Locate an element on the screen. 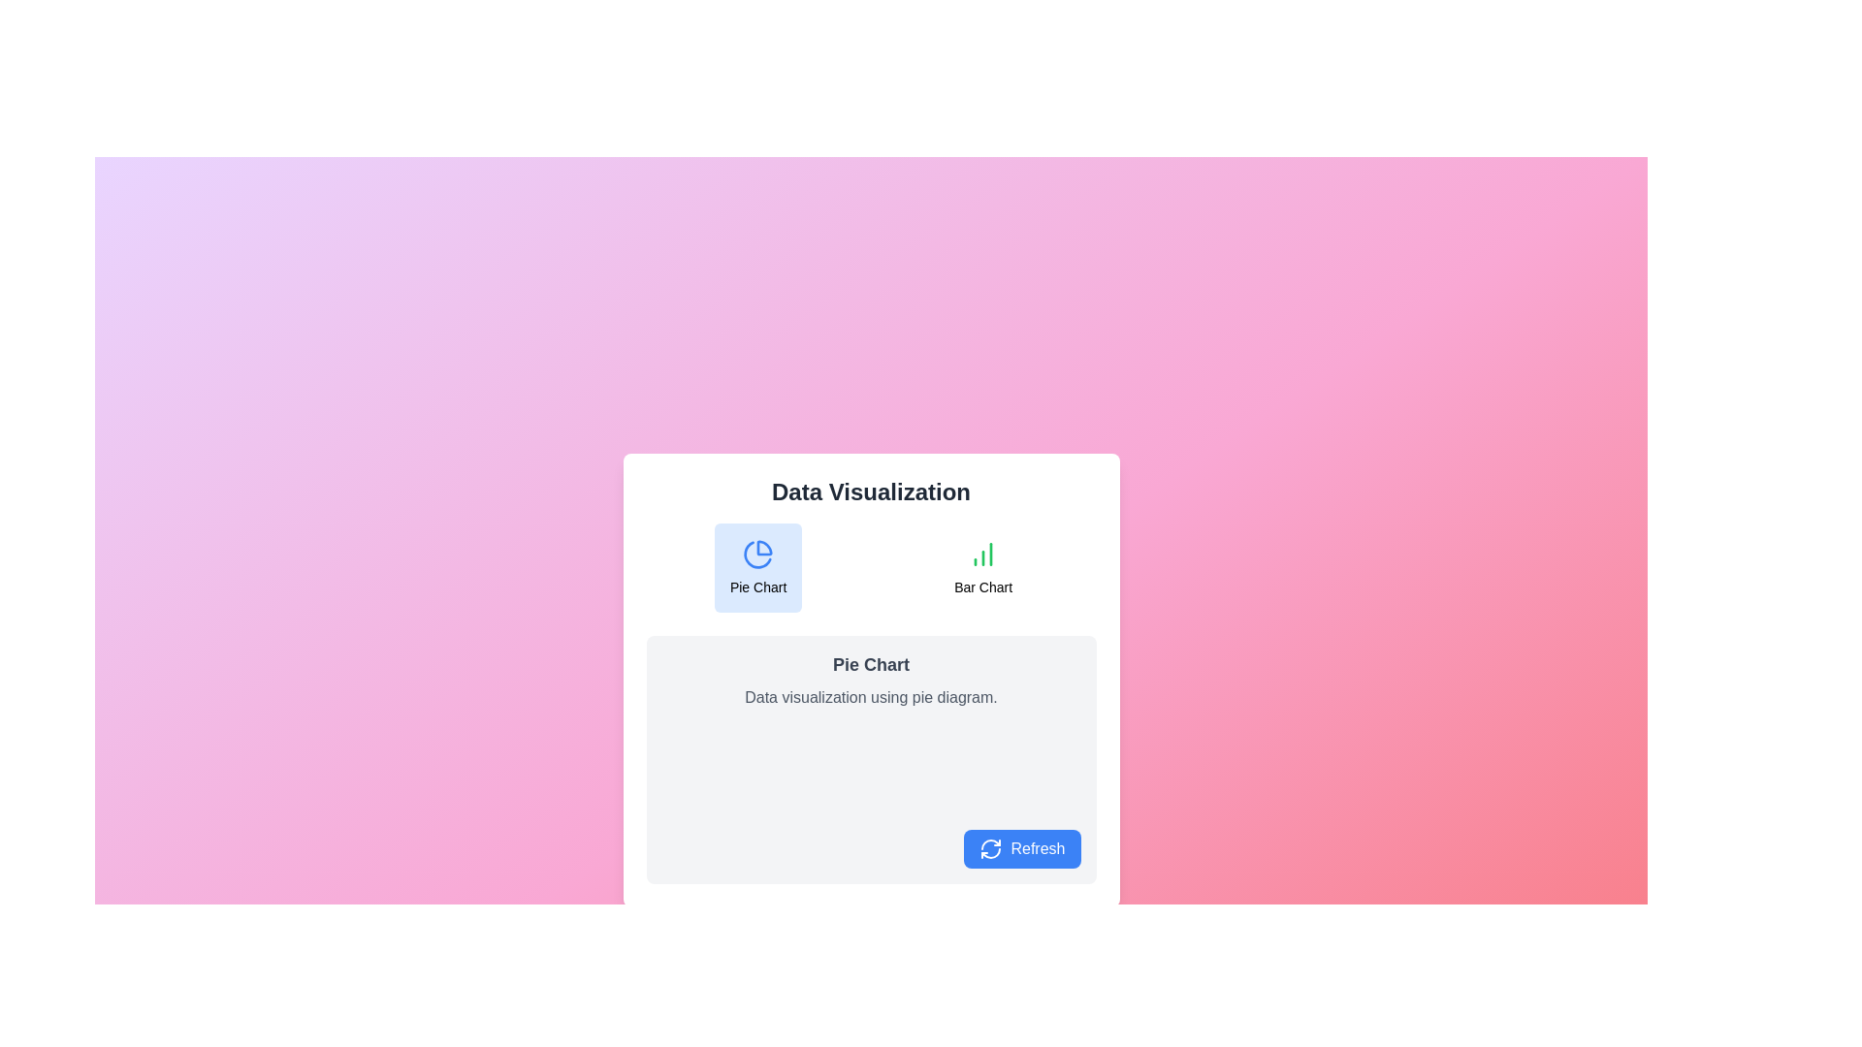 This screenshot has width=1862, height=1047. text label displaying 'Pie Chart' located beneath the pie chart icon within the left card of the 'Data Visualization' section is located at coordinates (757, 586).